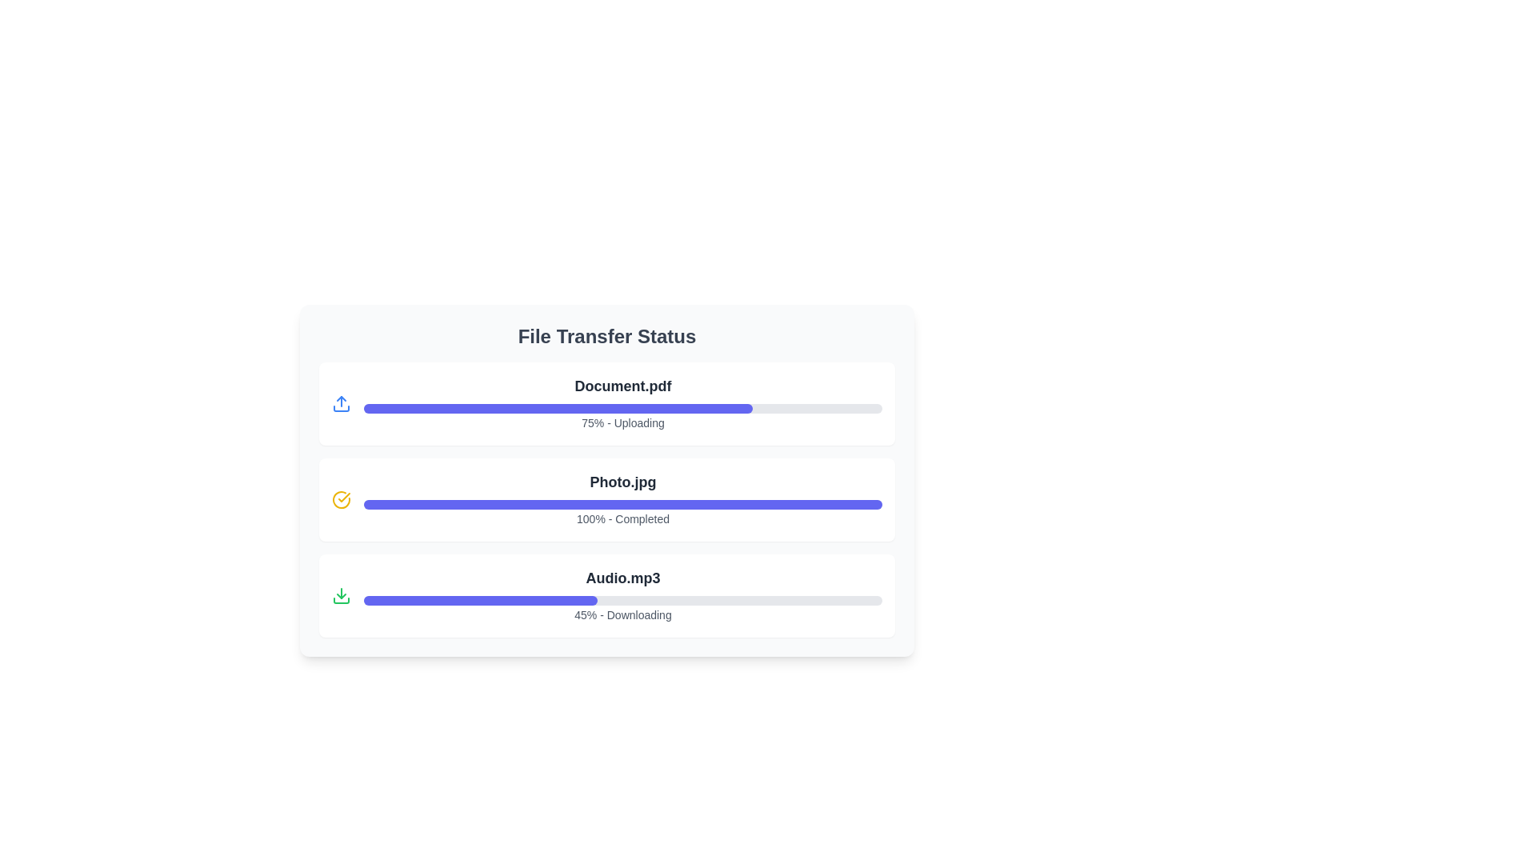 This screenshot has width=1536, height=864. What do you see at coordinates (622, 595) in the screenshot?
I see `the progress bar indicating the download progress for 'Audio.mp3', which is the third item in a vertically stacked list of file progress bars` at bounding box center [622, 595].